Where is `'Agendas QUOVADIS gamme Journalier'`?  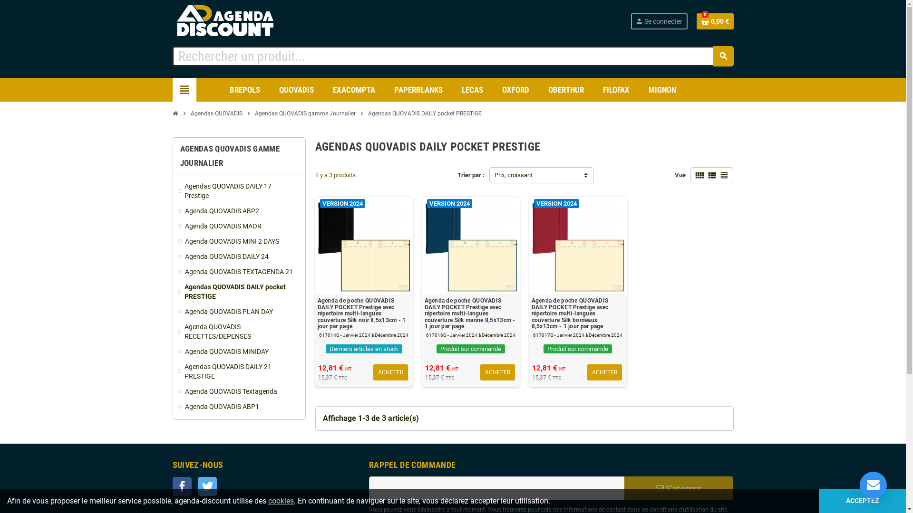 'Agendas QUOVADIS gamme Journalier' is located at coordinates (252, 113).